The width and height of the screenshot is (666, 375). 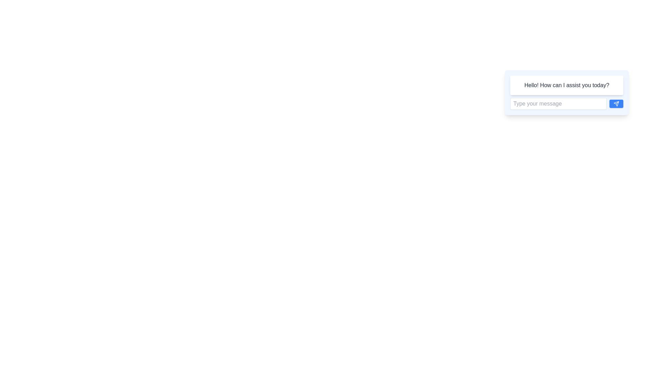 I want to click on welcoming message displayed on the greeting card, which is positioned at the top center of the messaging interface, above the text input field and send button, so click(x=566, y=92).